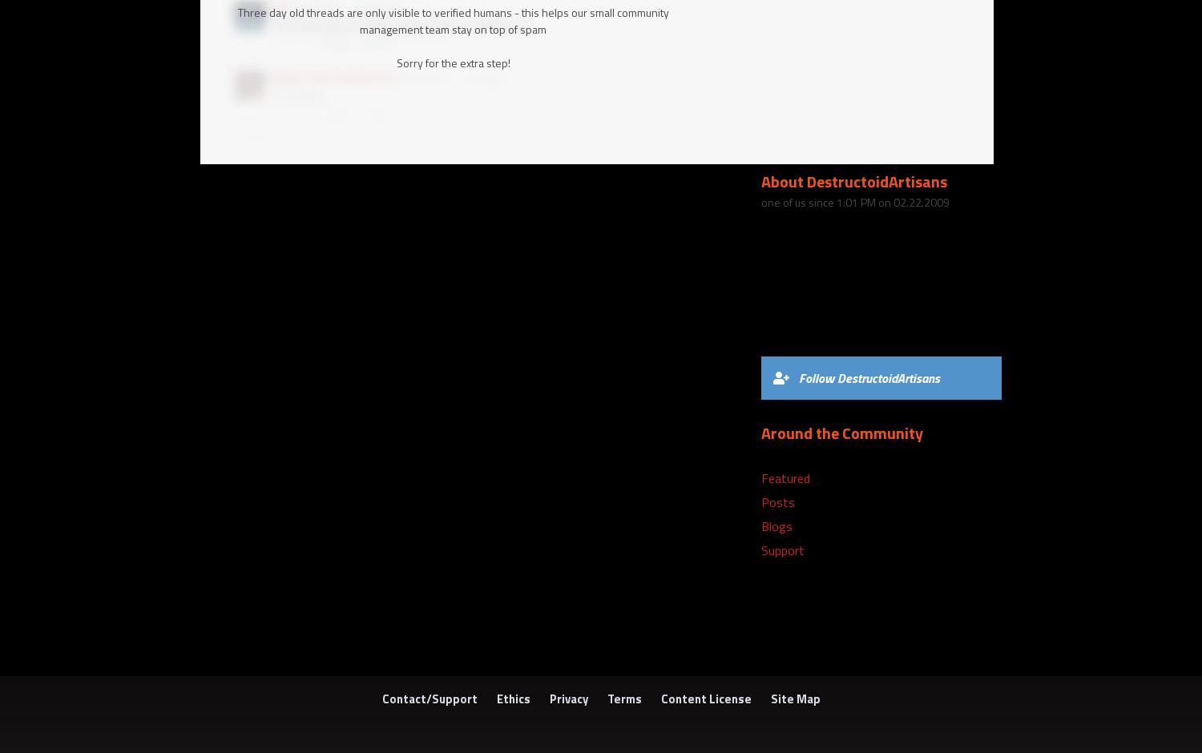 This screenshot has height=753, width=1202. What do you see at coordinates (429, 698) in the screenshot?
I see `'Contact/Support'` at bounding box center [429, 698].